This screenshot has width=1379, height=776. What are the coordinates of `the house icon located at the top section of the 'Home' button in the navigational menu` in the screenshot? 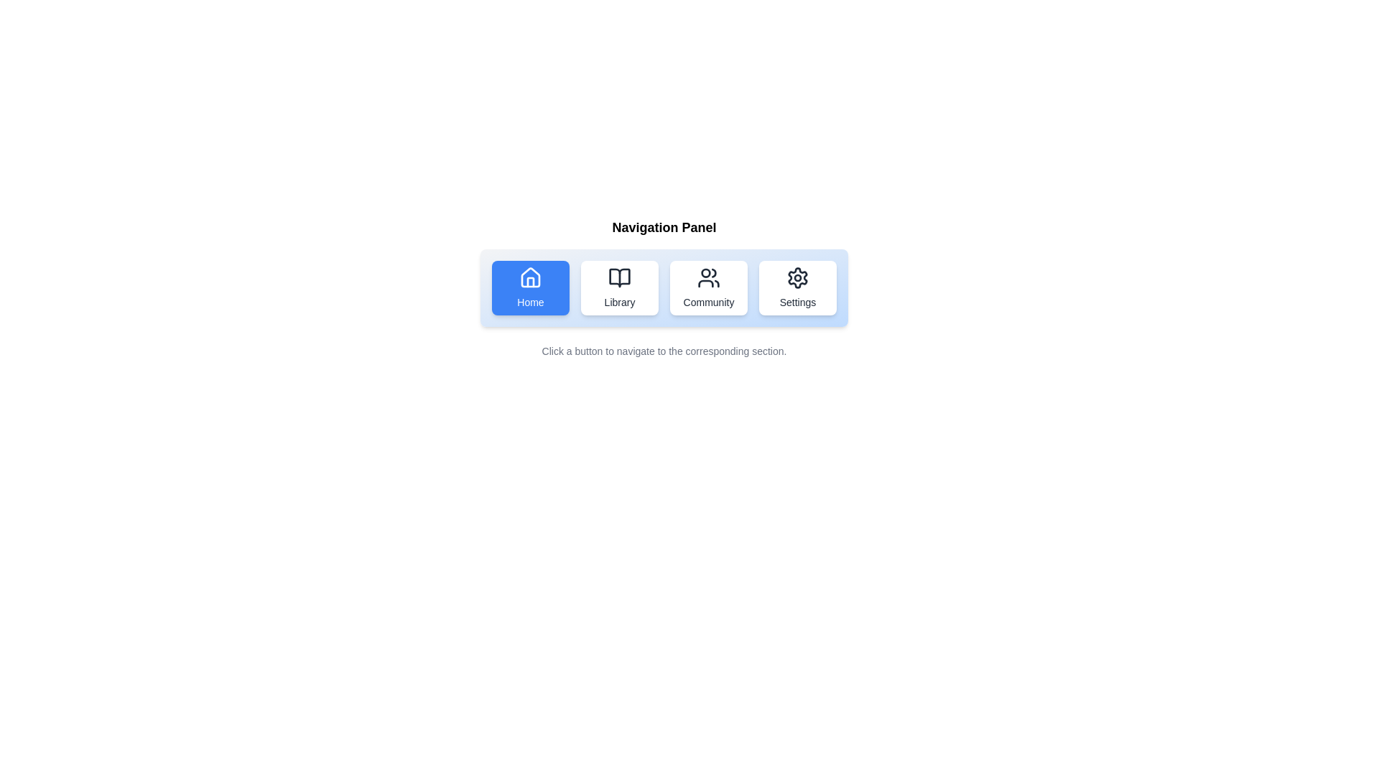 It's located at (530, 277).